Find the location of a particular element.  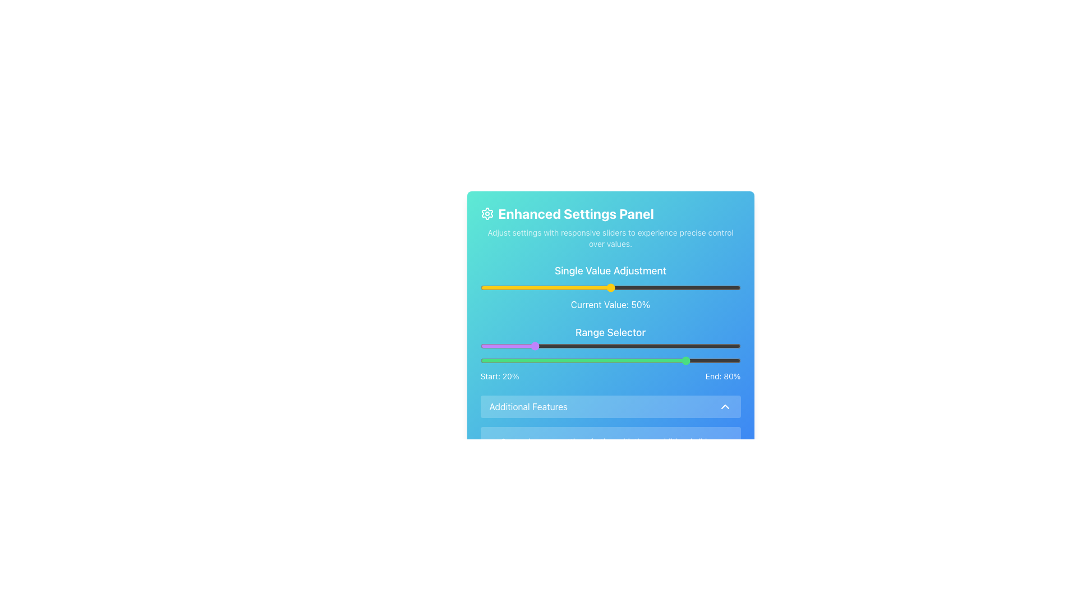

the slider is located at coordinates (655, 287).